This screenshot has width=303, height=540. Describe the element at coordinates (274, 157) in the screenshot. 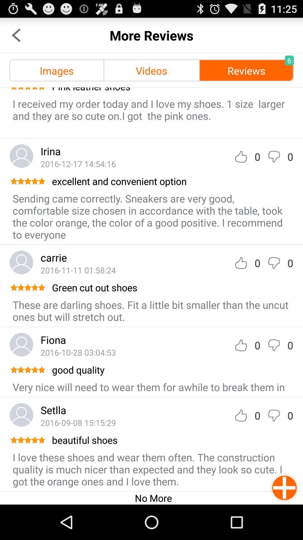

I see `unlike review` at that location.